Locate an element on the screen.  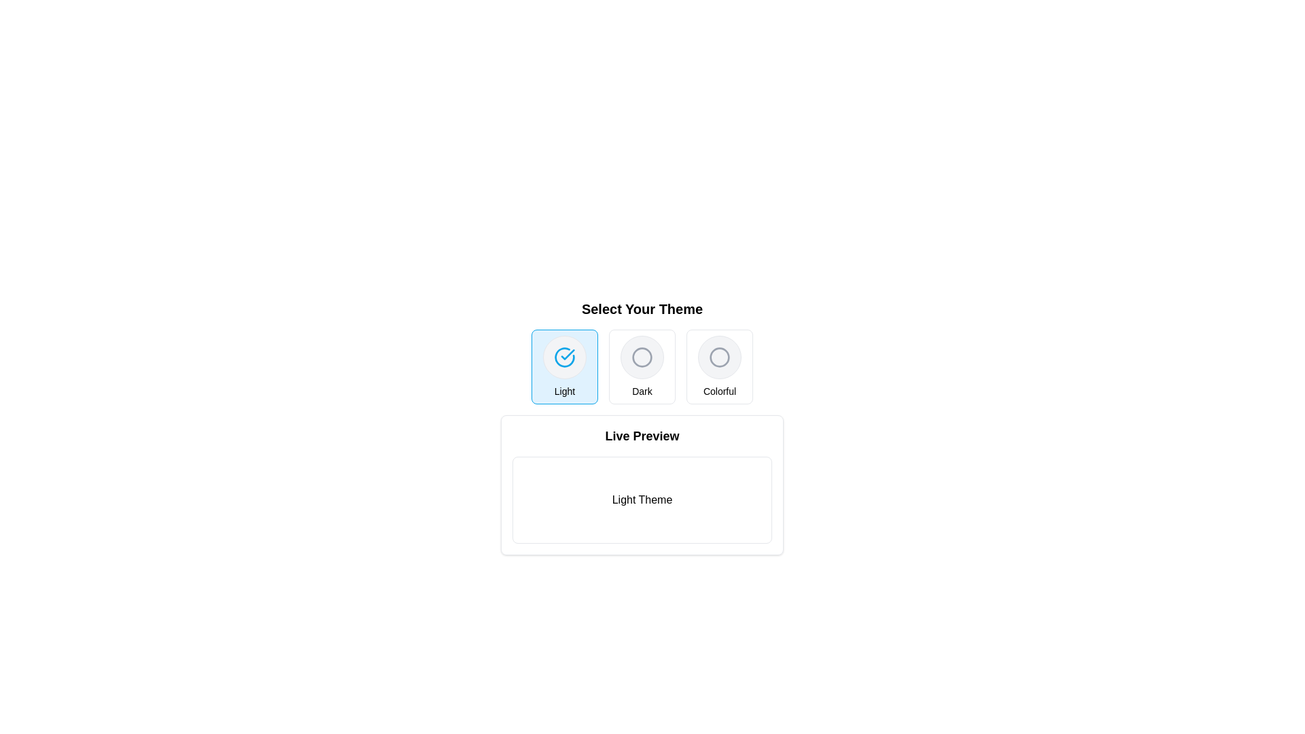
the circular icon representing the 'Dark' theme option is located at coordinates (642, 356).